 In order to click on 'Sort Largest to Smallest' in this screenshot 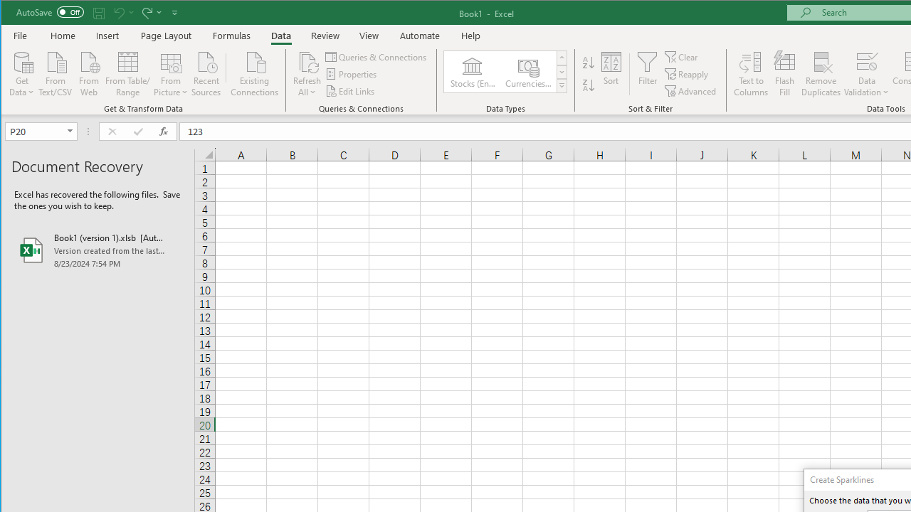, I will do `click(589, 85)`.